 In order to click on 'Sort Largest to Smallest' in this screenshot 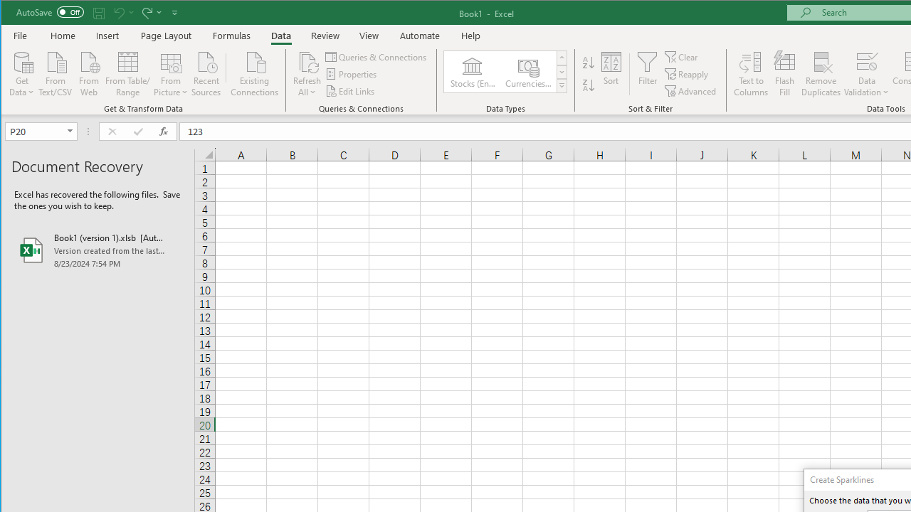, I will do `click(589, 85)`.